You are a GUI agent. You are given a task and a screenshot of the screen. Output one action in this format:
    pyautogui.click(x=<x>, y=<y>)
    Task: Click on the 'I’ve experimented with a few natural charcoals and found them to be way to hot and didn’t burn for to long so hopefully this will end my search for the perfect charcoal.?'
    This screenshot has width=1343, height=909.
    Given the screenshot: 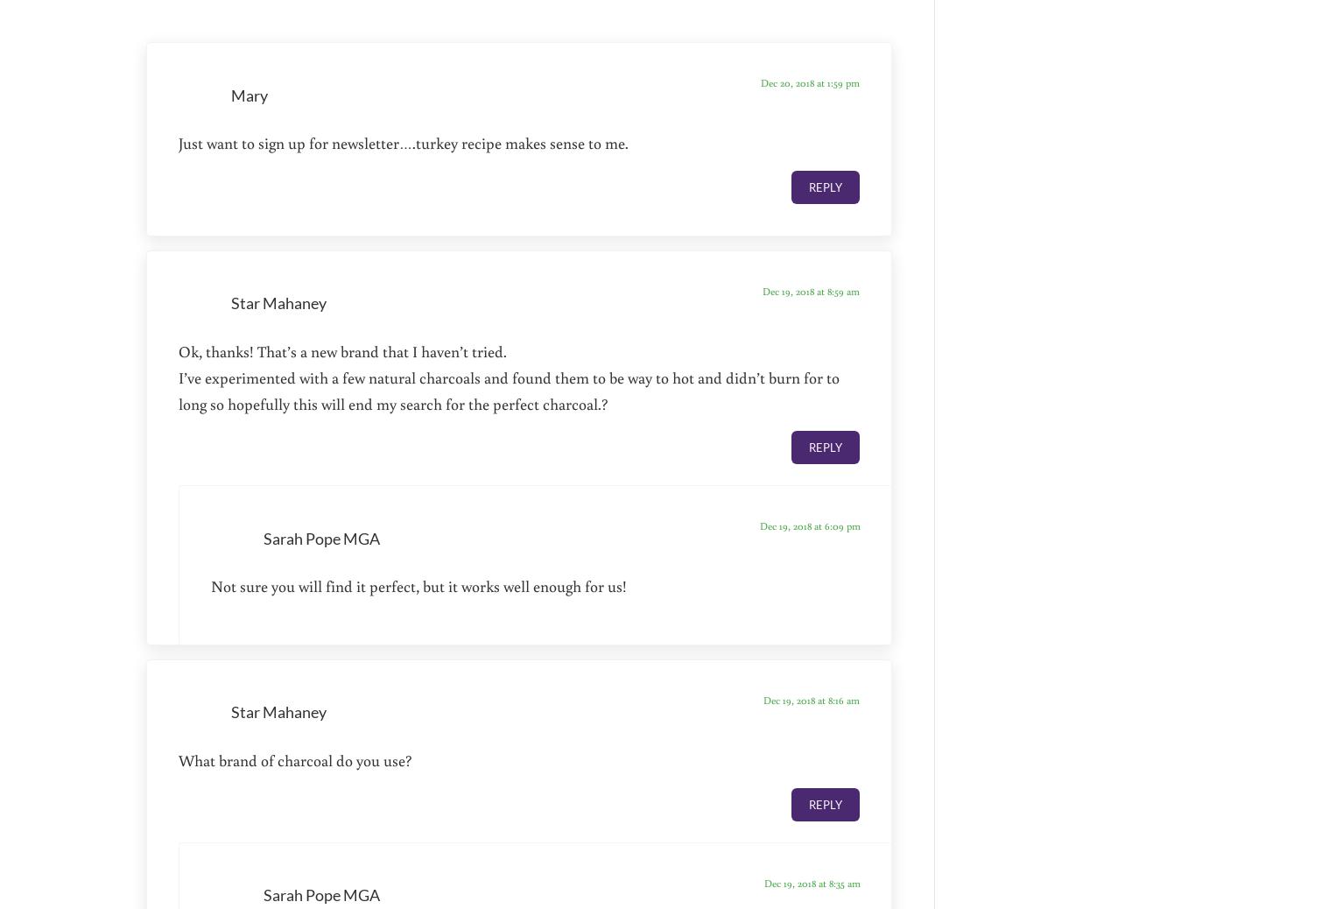 What is the action you would take?
    pyautogui.click(x=509, y=389)
    